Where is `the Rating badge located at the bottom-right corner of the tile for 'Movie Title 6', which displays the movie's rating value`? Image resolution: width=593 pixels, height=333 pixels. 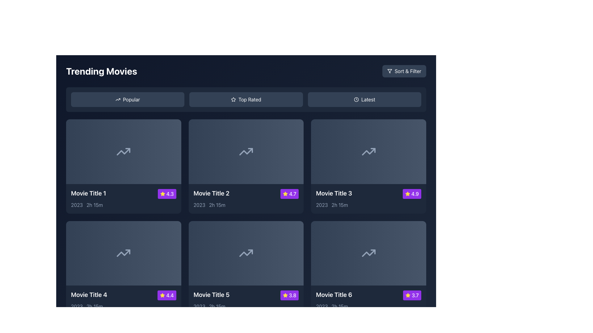
the Rating badge located at the bottom-right corner of the tile for 'Movie Title 6', which displays the movie's rating value is located at coordinates (412, 295).